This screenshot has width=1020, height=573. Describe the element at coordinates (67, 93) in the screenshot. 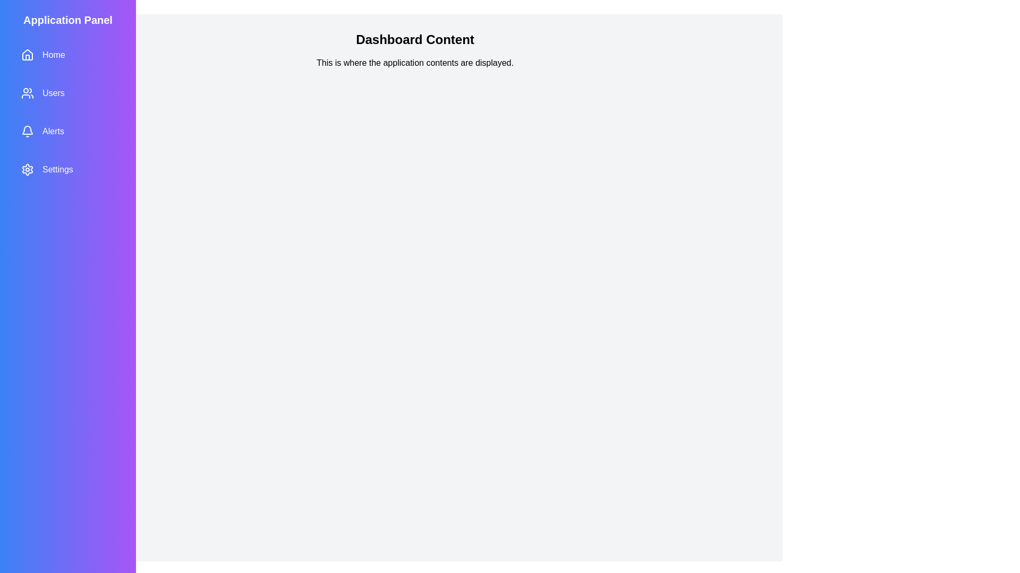

I see `the navigation item Users from the sidebar` at that location.